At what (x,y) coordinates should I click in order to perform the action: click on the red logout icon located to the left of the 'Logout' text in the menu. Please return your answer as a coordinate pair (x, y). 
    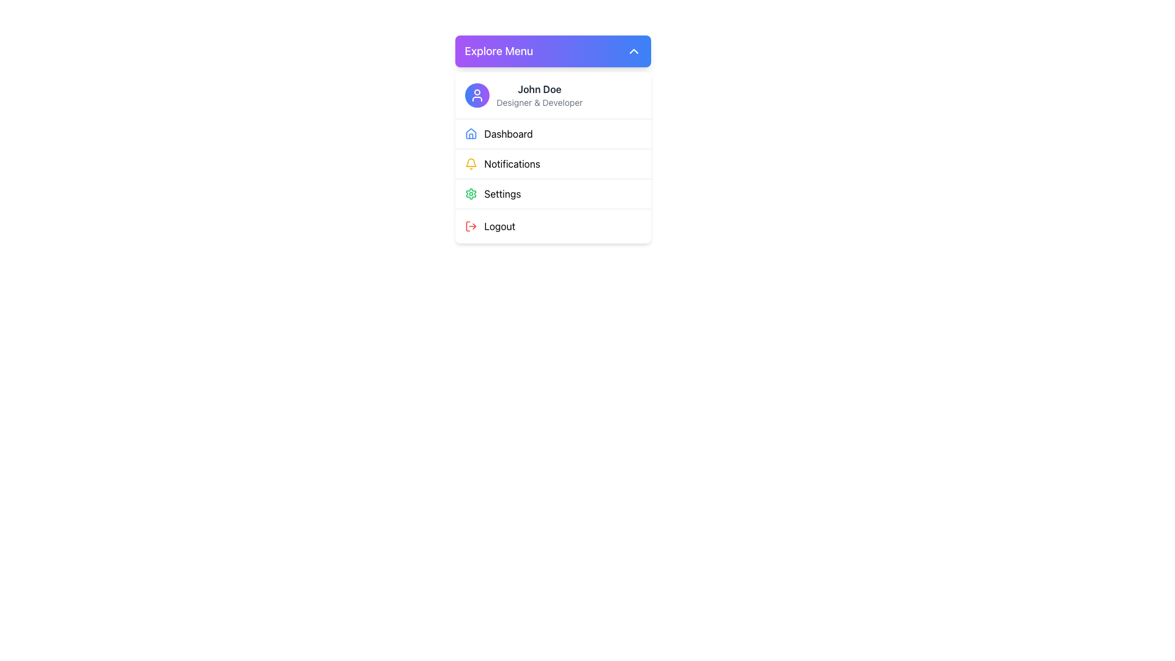
    Looking at the image, I should click on (470, 226).